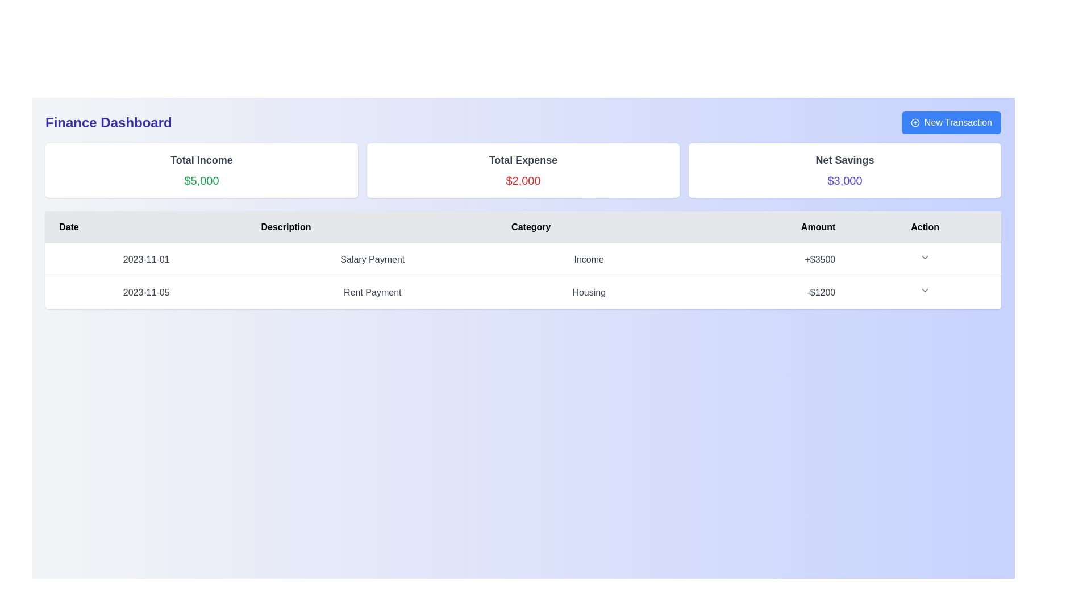 The height and width of the screenshot is (614, 1091). What do you see at coordinates (925, 289) in the screenshot?
I see `the Dropdown toggle button in the 'Action' column of the table for the 'Rent Payment' row` at bounding box center [925, 289].